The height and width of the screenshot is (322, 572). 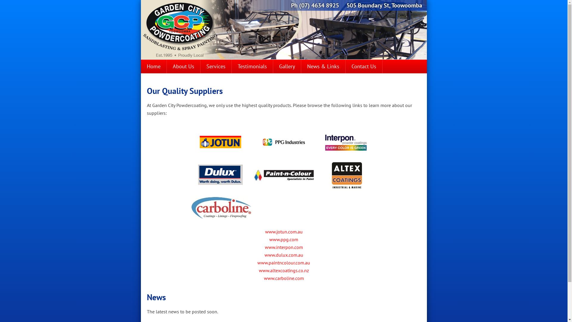 I want to click on 'Services', so click(x=200, y=66).